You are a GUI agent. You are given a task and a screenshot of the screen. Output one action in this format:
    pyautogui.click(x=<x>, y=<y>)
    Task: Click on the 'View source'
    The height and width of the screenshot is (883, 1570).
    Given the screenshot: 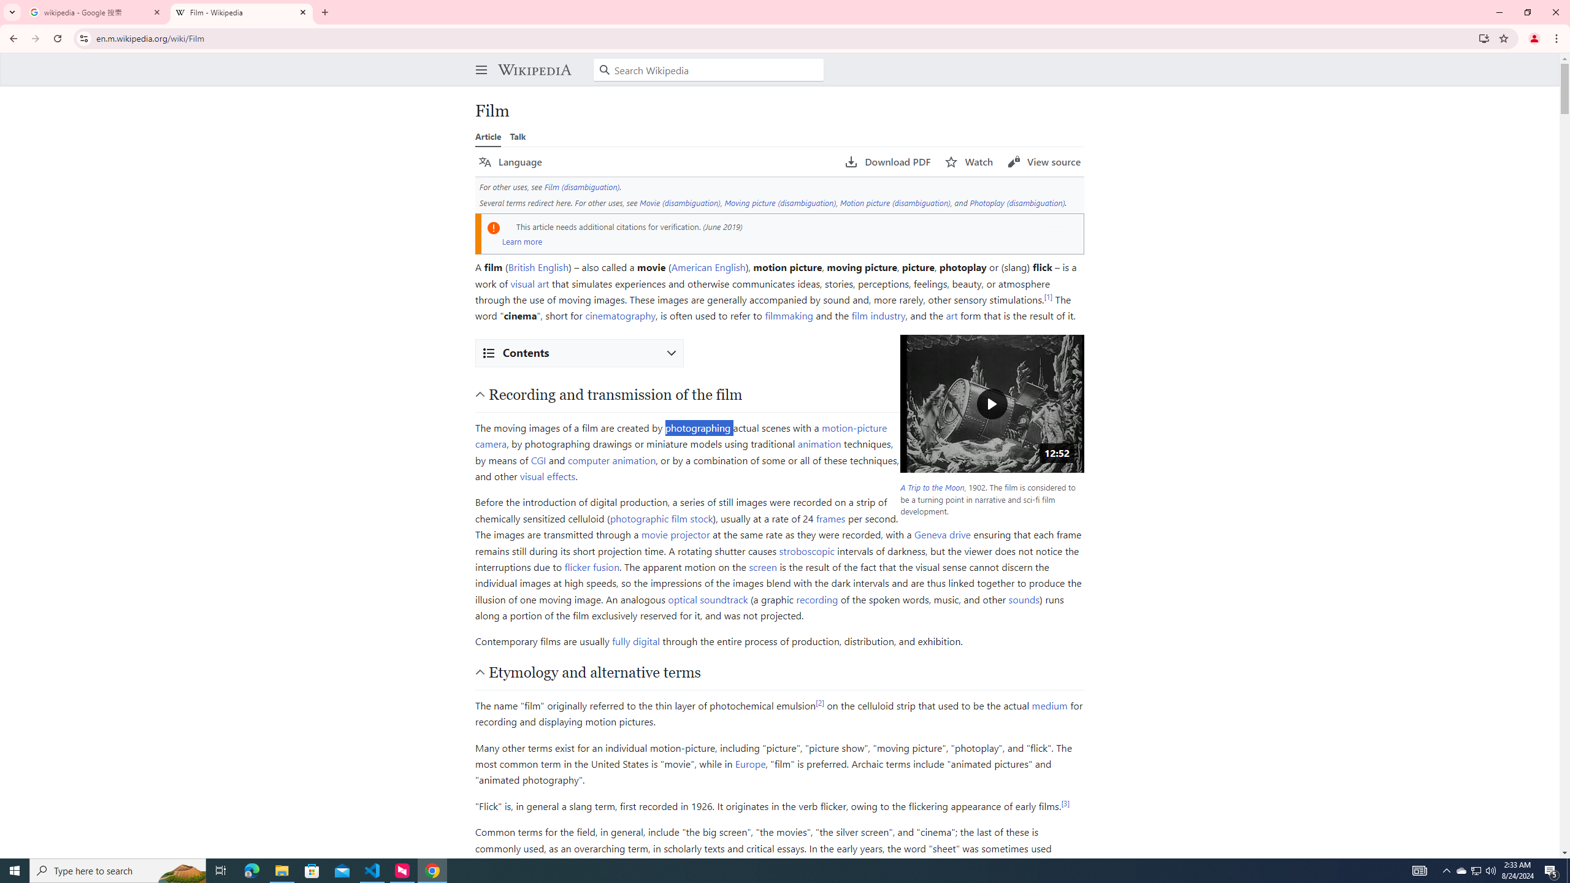 What is the action you would take?
    pyautogui.click(x=1043, y=162)
    